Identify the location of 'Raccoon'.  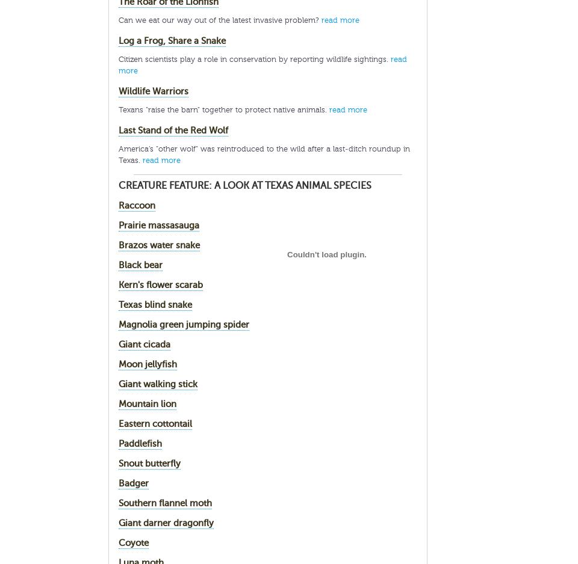
(137, 205).